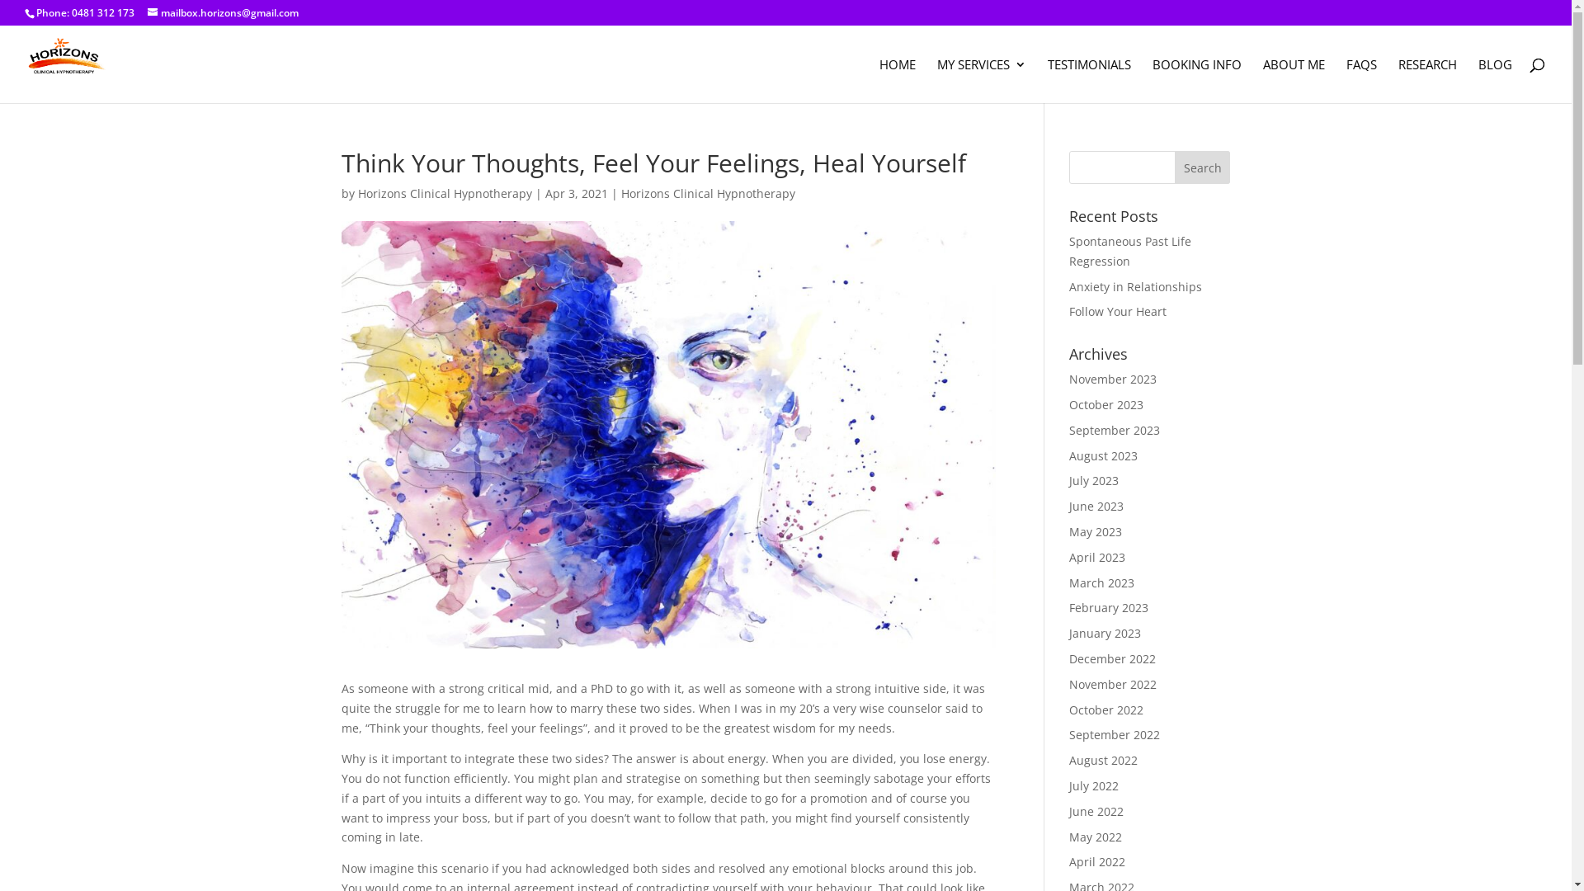 Image resolution: width=1584 pixels, height=891 pixels. I want to click on 'MY SERVICES', so click(982, 80).